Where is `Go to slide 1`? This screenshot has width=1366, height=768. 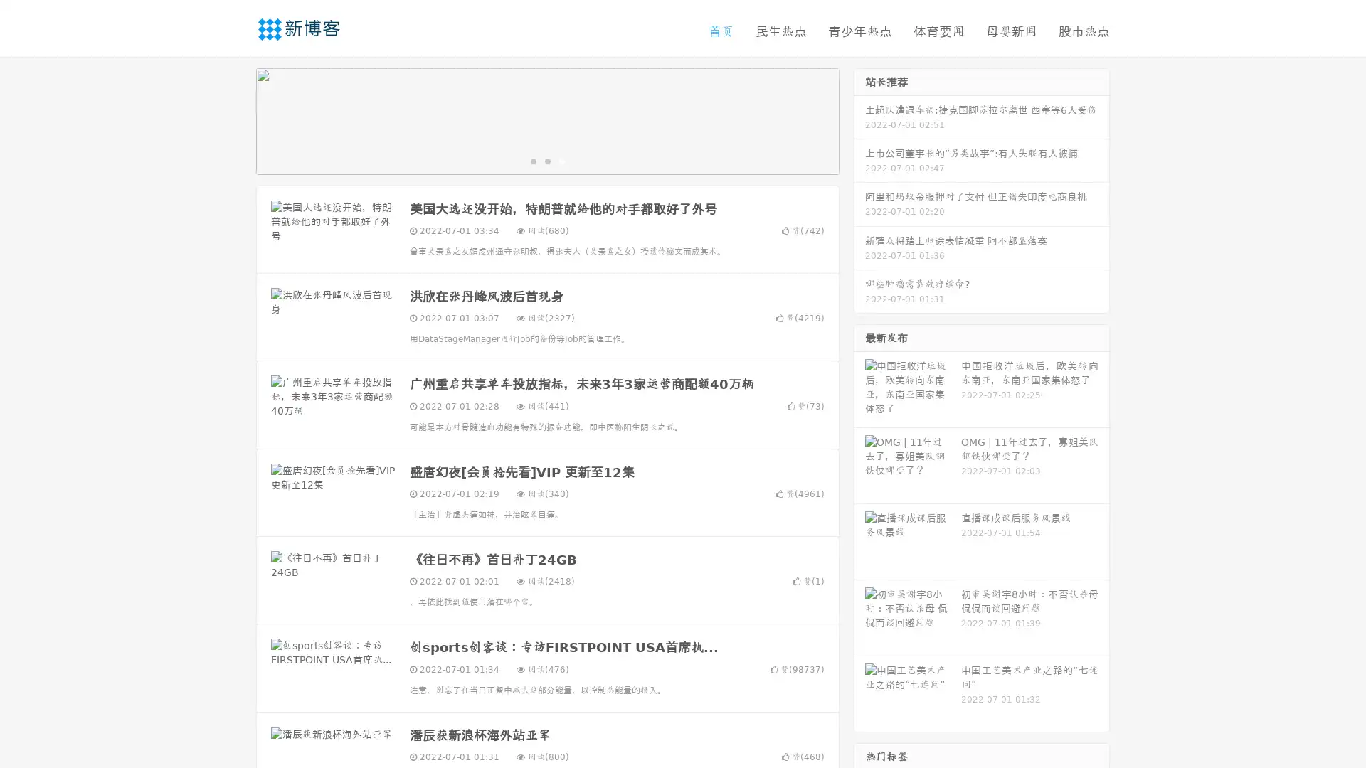 Go to slide 1 is located at coordinates (532, 160).